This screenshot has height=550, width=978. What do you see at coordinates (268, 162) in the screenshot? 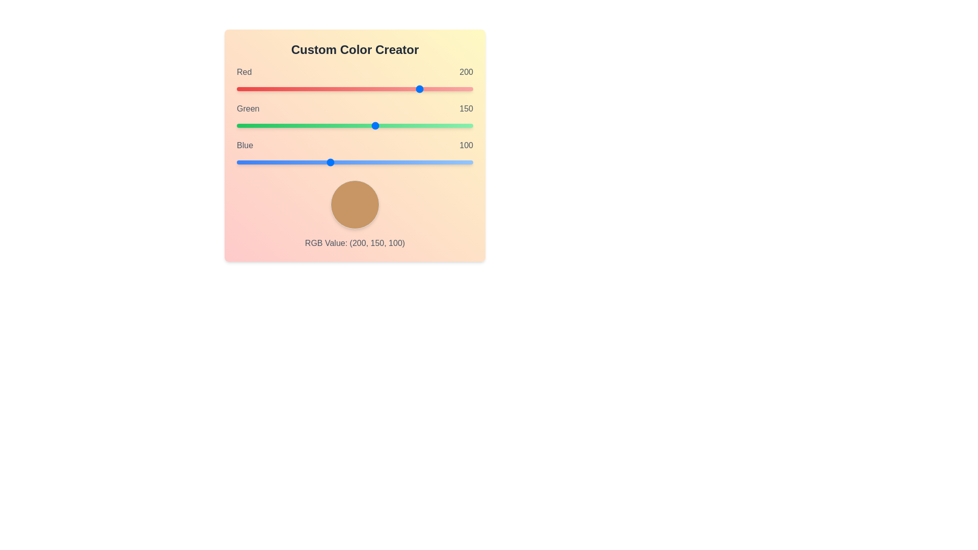
I see `the blue slider to set the blue value to 34` at bounding box center [268, 162].